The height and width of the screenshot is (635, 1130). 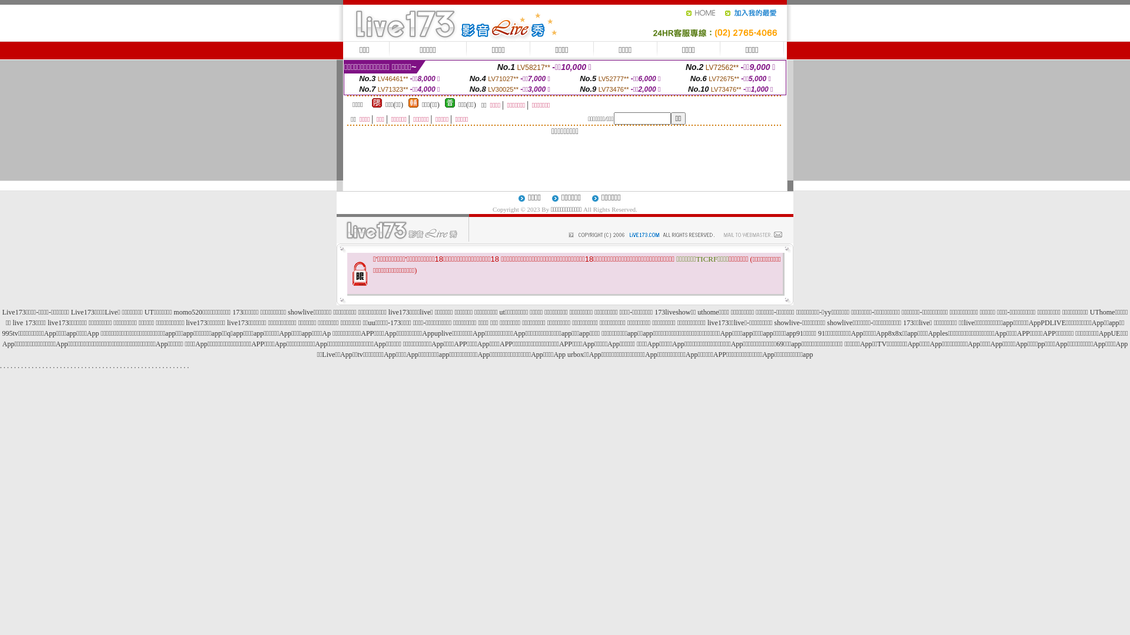 What do you see at coordinates (28, 365) in the screenshot?
I see `'.'` at bounding box center [28, 365].